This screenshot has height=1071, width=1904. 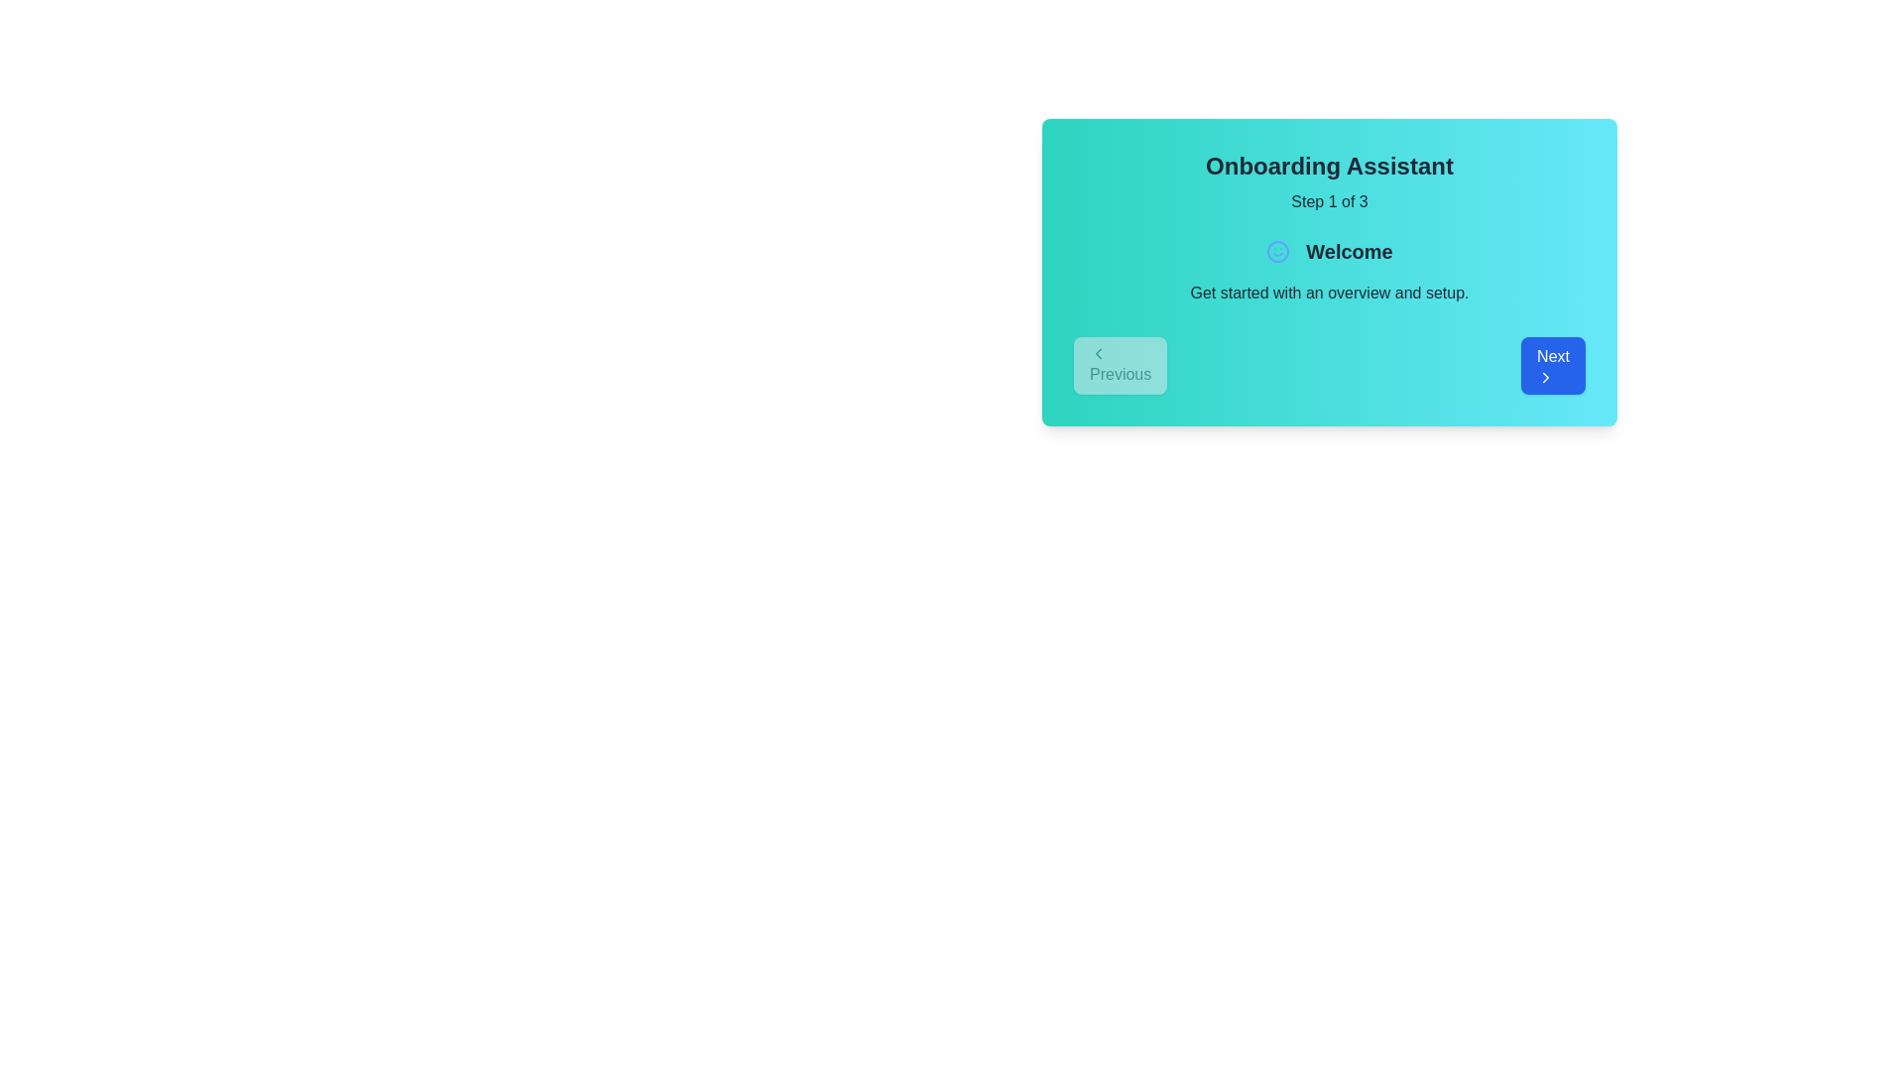 What do you see at coordinates (1121, 366) in the screenshot?
I see `the 'Previous' button with a light gray background and gray text, located at the bottom left corner of the 'Onboarding Assistant' card` at bounding box center [1121, 366].